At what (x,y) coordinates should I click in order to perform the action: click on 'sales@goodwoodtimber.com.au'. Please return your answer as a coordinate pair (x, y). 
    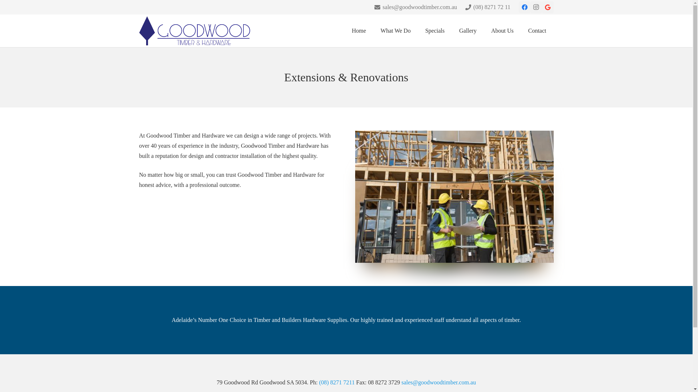
    Looking at the image, I should click on (416, 7).